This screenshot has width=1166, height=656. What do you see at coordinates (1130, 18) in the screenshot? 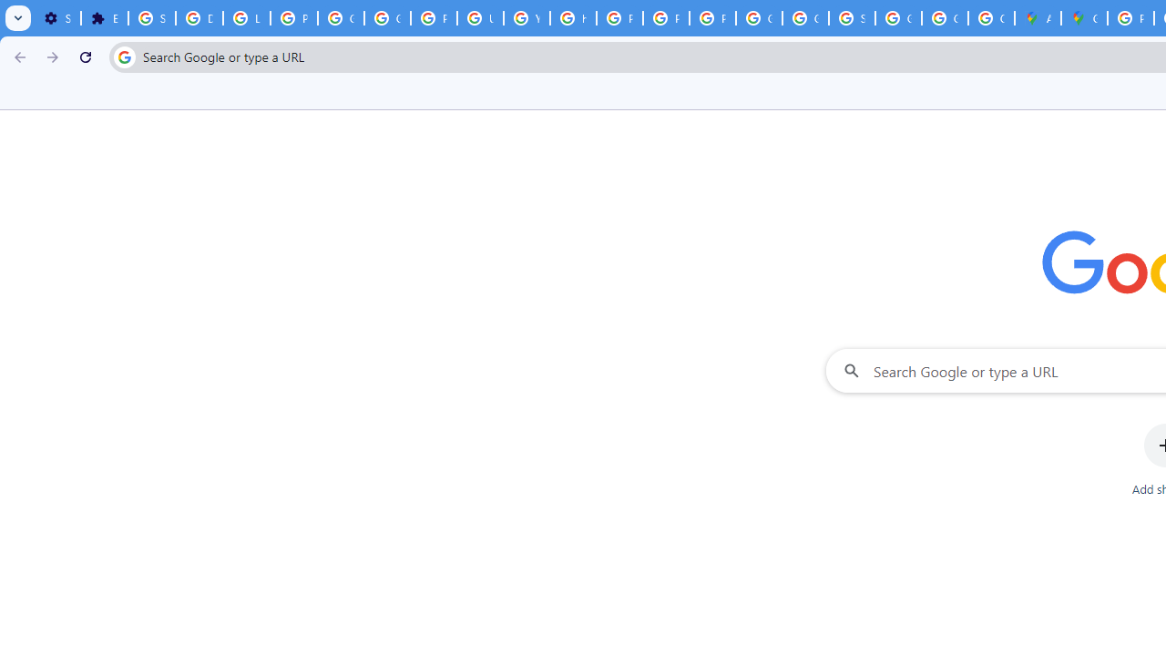
I see `'Policy Accountability and Transparency - Transparency Center'` at bounding box center [1130, 18].